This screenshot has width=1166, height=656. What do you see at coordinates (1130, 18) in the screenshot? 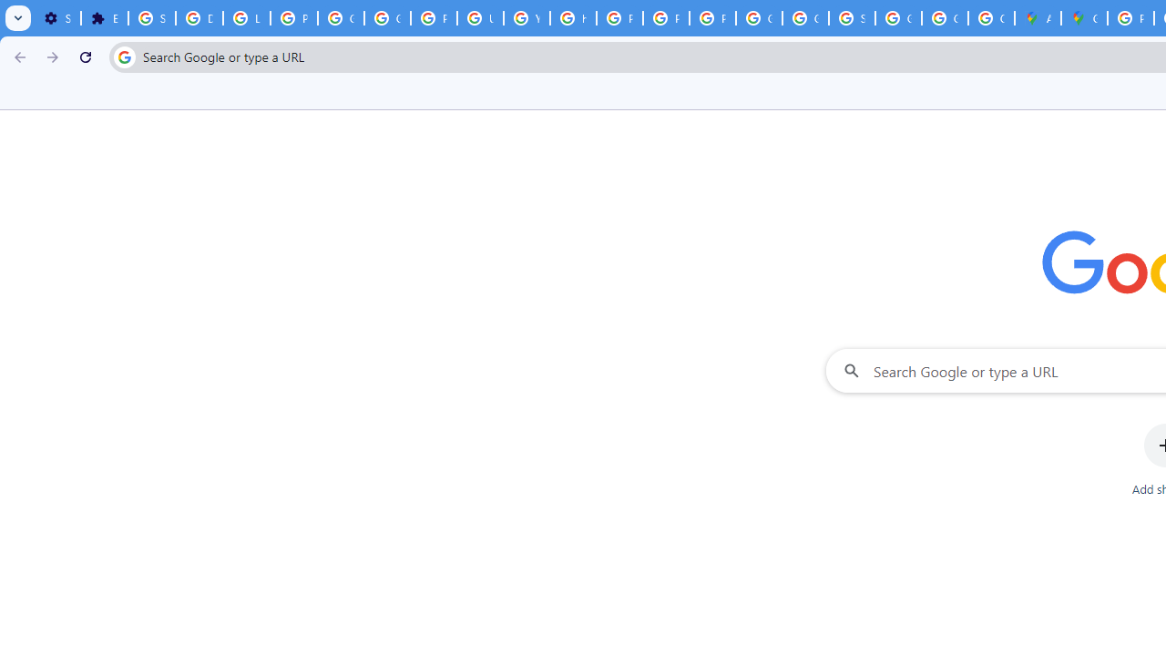
I see `'Policy Accountability and Transparency - Transparency Center'` at bounding box center [1130, 18].